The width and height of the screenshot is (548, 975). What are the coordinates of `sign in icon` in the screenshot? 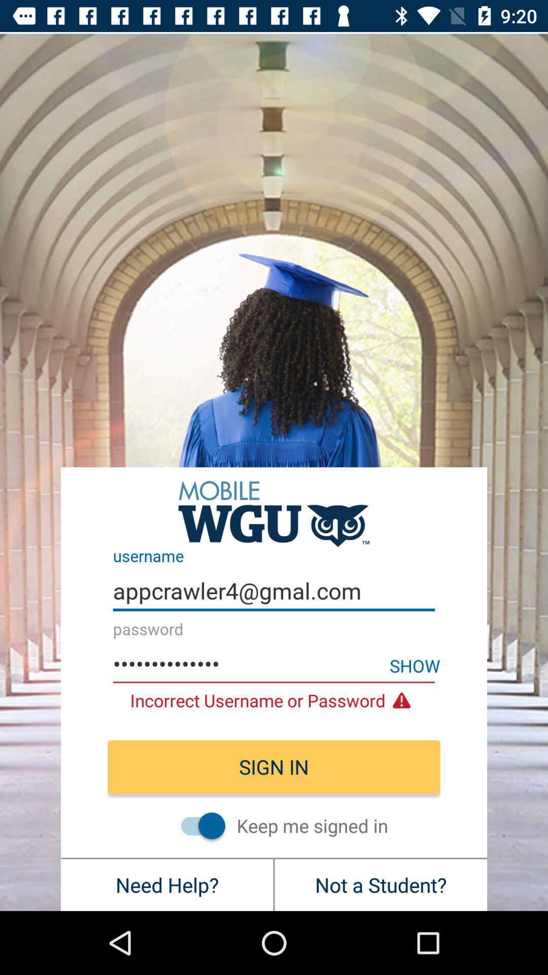 It's located at (274, 767).